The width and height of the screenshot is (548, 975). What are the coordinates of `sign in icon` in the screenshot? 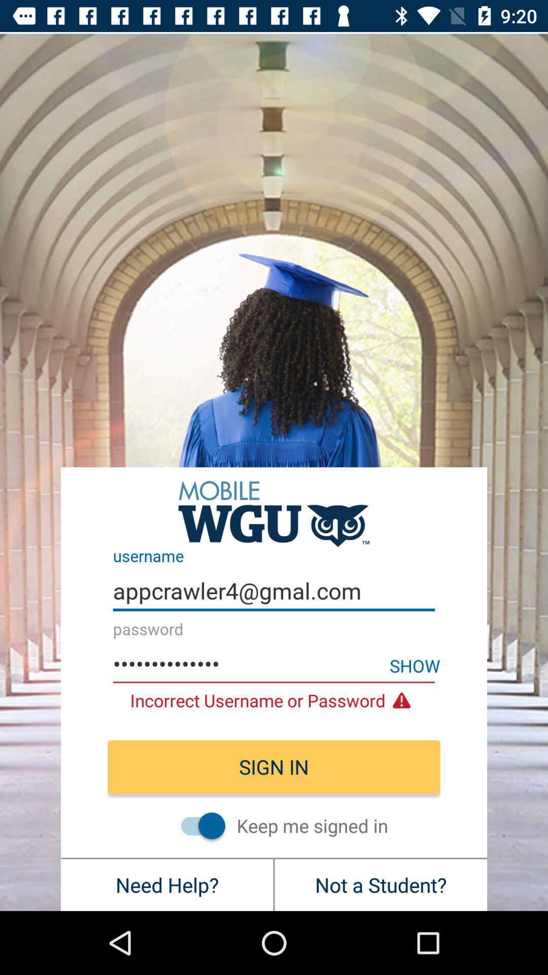 It's located at (274, 767).